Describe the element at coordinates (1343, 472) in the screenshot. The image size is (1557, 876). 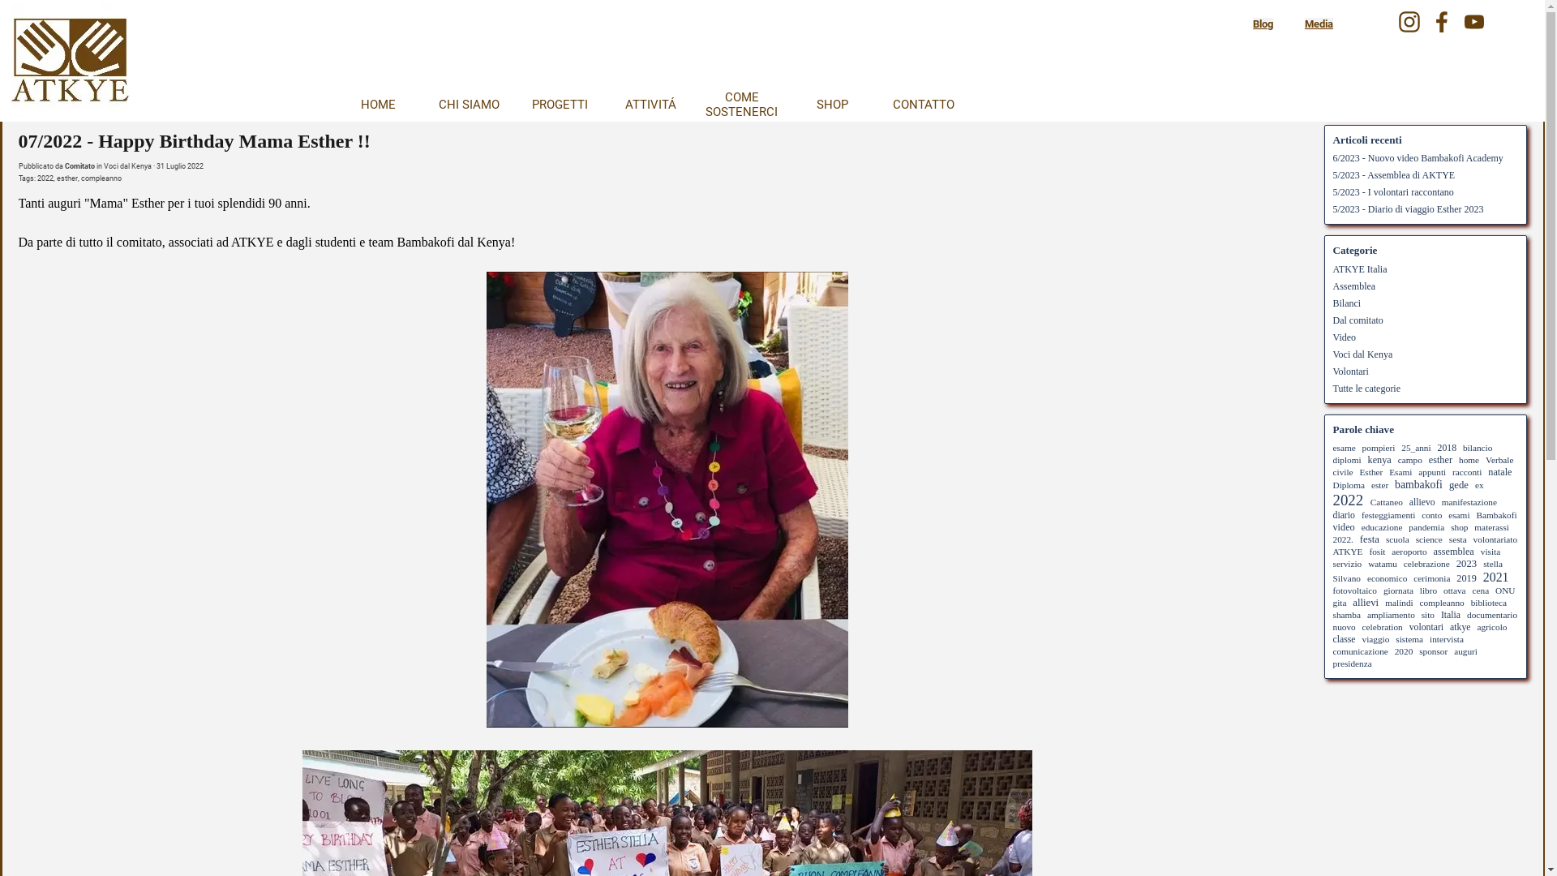
I see `'civile'` at that location.